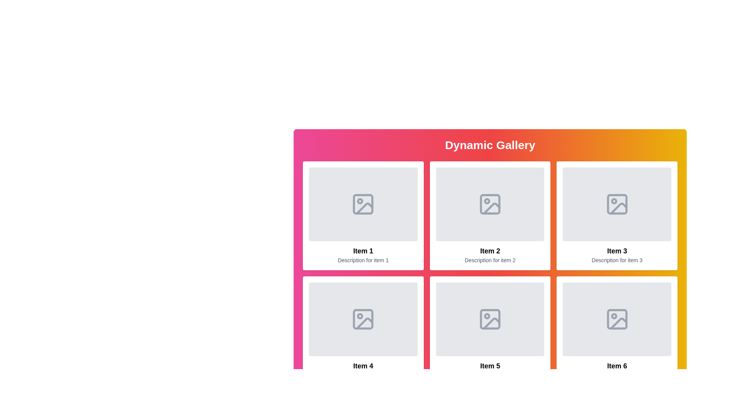  Describe the element at coordinates (617, 319) in the screenshot. I see `the SVG icon representing an image placeholder located within the 'Item 6' card in the bottom-right position of the grid layout in the 'Dynamic Gallery' section to initiate an action` at that location.